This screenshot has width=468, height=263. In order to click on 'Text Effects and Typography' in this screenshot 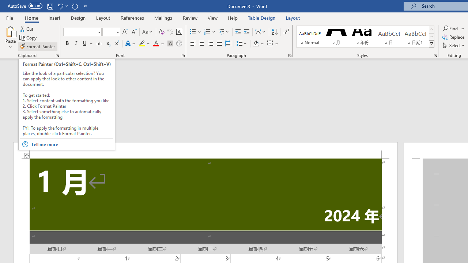, I will do `click(131, 43)`.